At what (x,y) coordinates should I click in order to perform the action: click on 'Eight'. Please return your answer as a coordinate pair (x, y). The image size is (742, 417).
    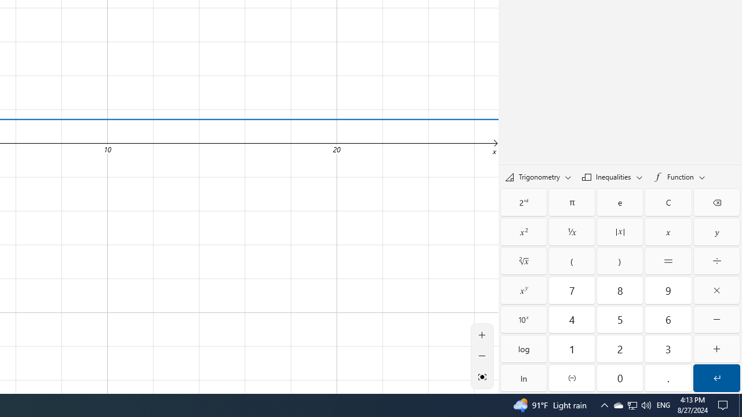
    Looking at the image, I should click on (619, 290).